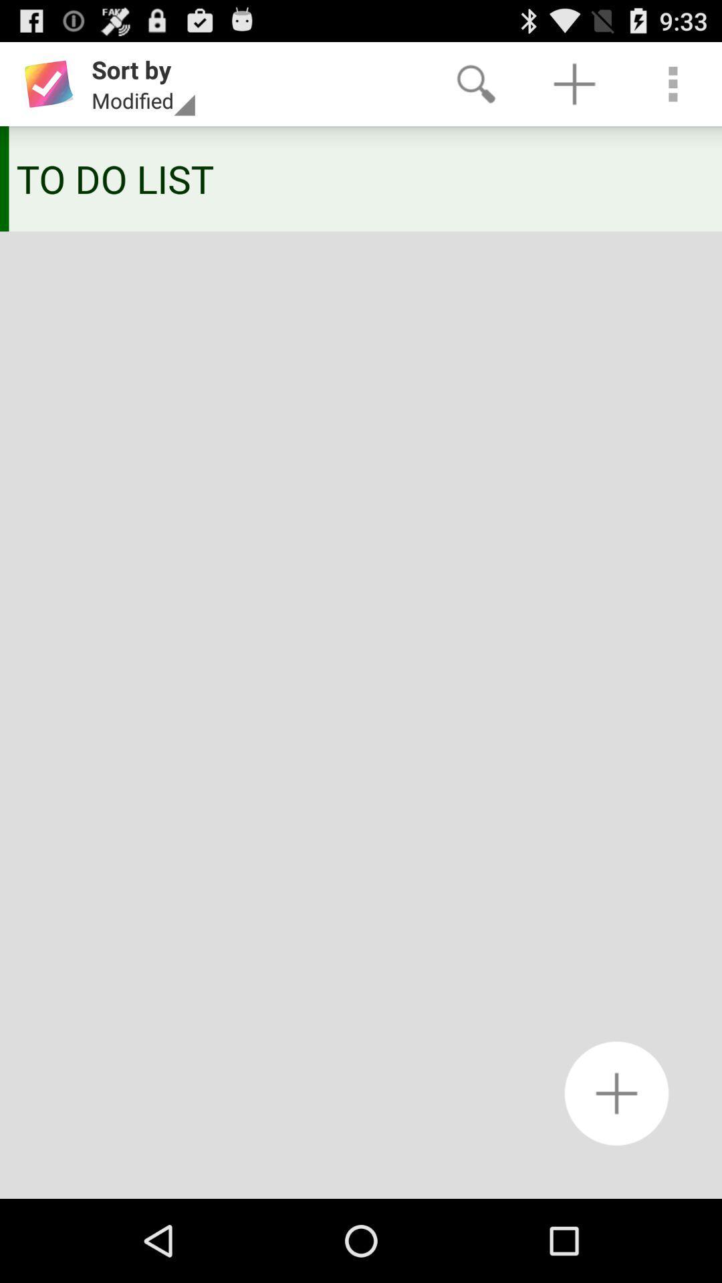 Image resolution: width=722 pixels, height=1283 pixels. I want to click on app above the to do list, so click(574, 83).